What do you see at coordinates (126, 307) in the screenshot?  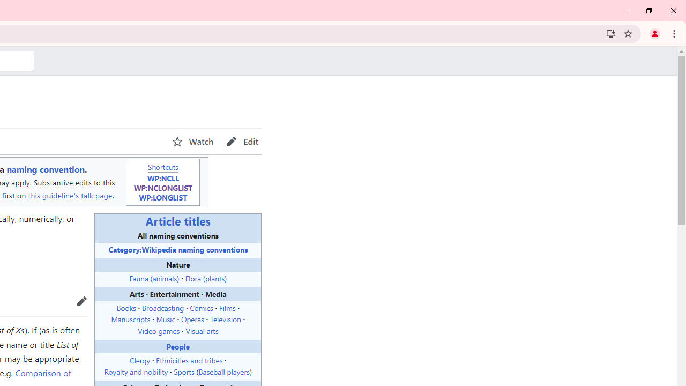 I see `'Books'` at bounding box center [126, 307].